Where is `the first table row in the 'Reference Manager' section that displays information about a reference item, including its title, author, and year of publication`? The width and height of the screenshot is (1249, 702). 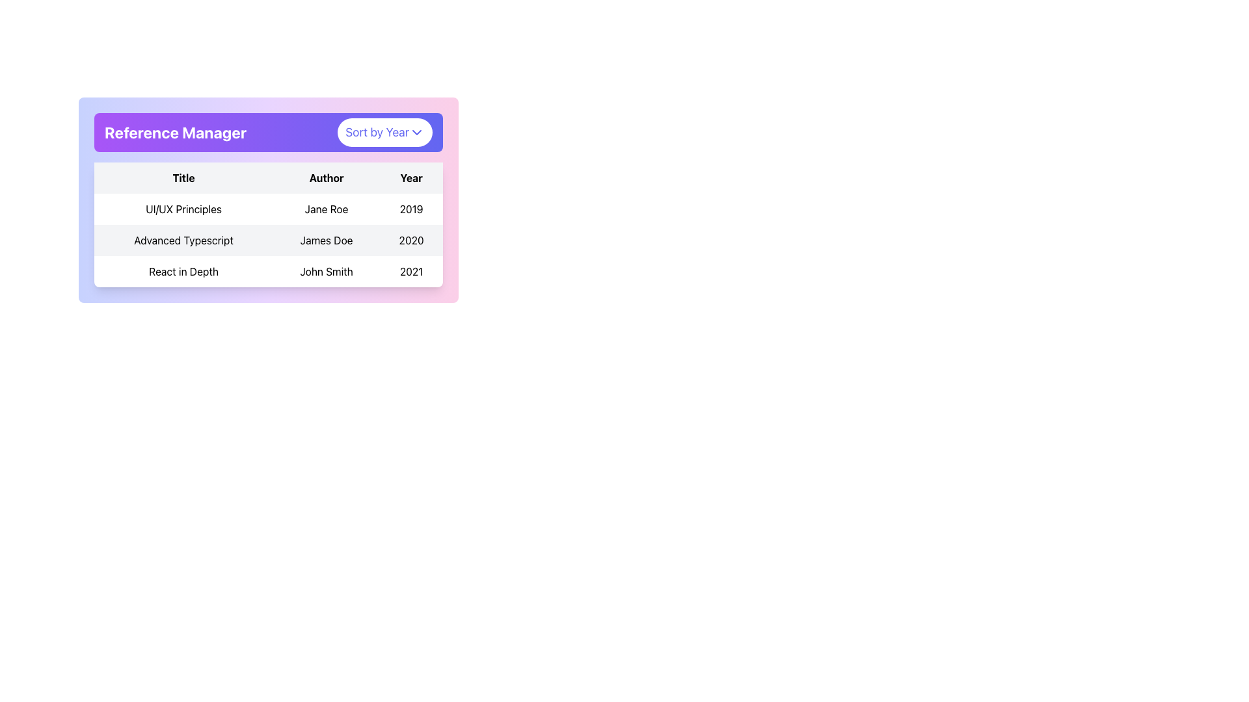 the first table row in the 'Reference Manager' section that displays information about a reference item, including its title, author, and year of publication is located at coordinates (267, 208).